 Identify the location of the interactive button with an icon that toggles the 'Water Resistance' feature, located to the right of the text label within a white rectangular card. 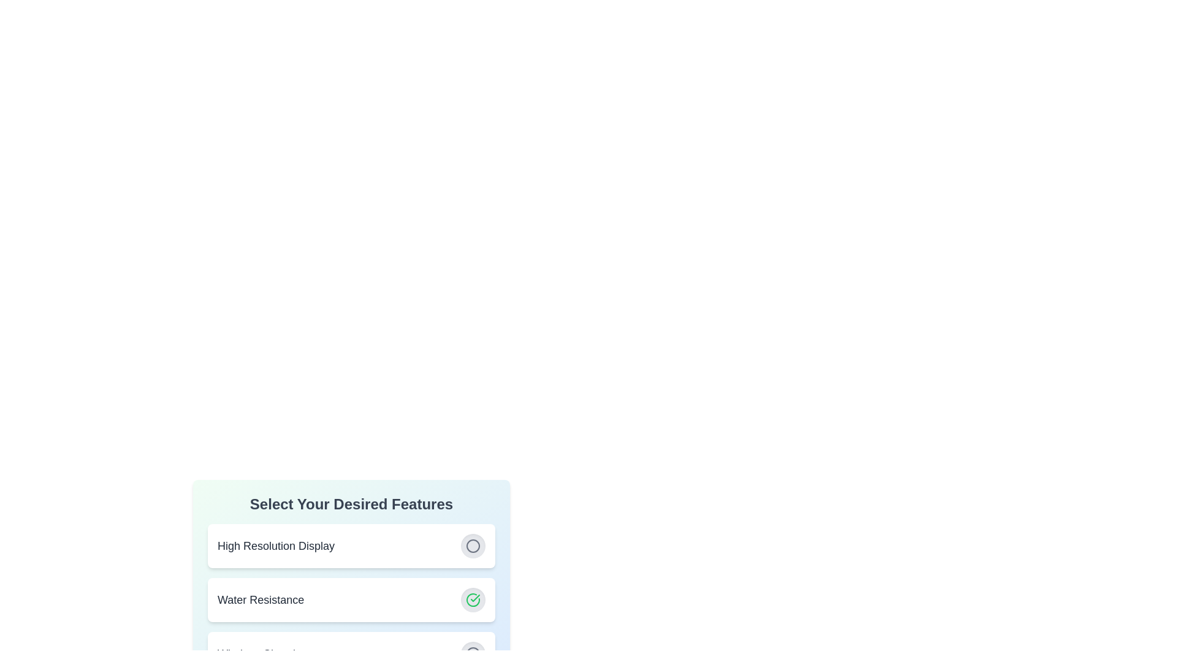
(473, 599).